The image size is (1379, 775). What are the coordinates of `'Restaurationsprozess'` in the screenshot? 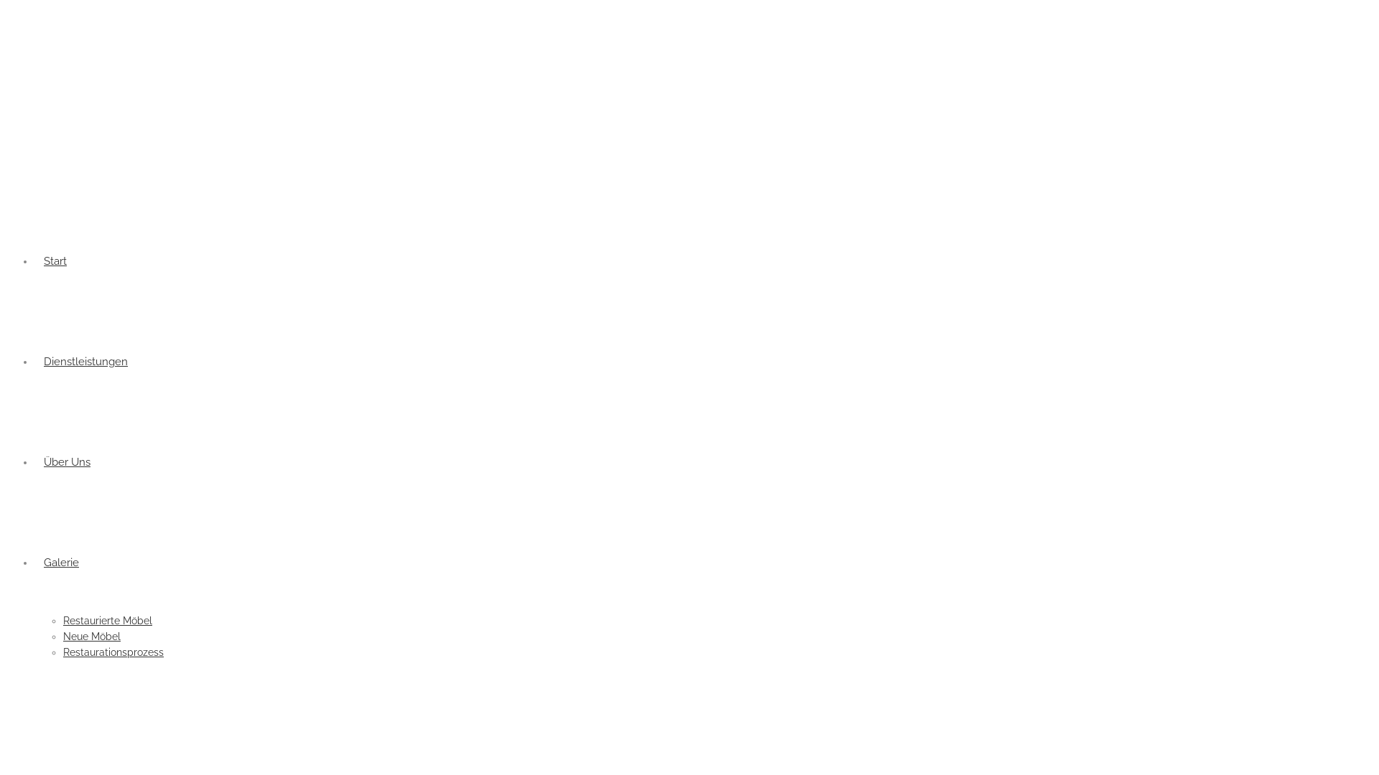 It's located at (62, 652).